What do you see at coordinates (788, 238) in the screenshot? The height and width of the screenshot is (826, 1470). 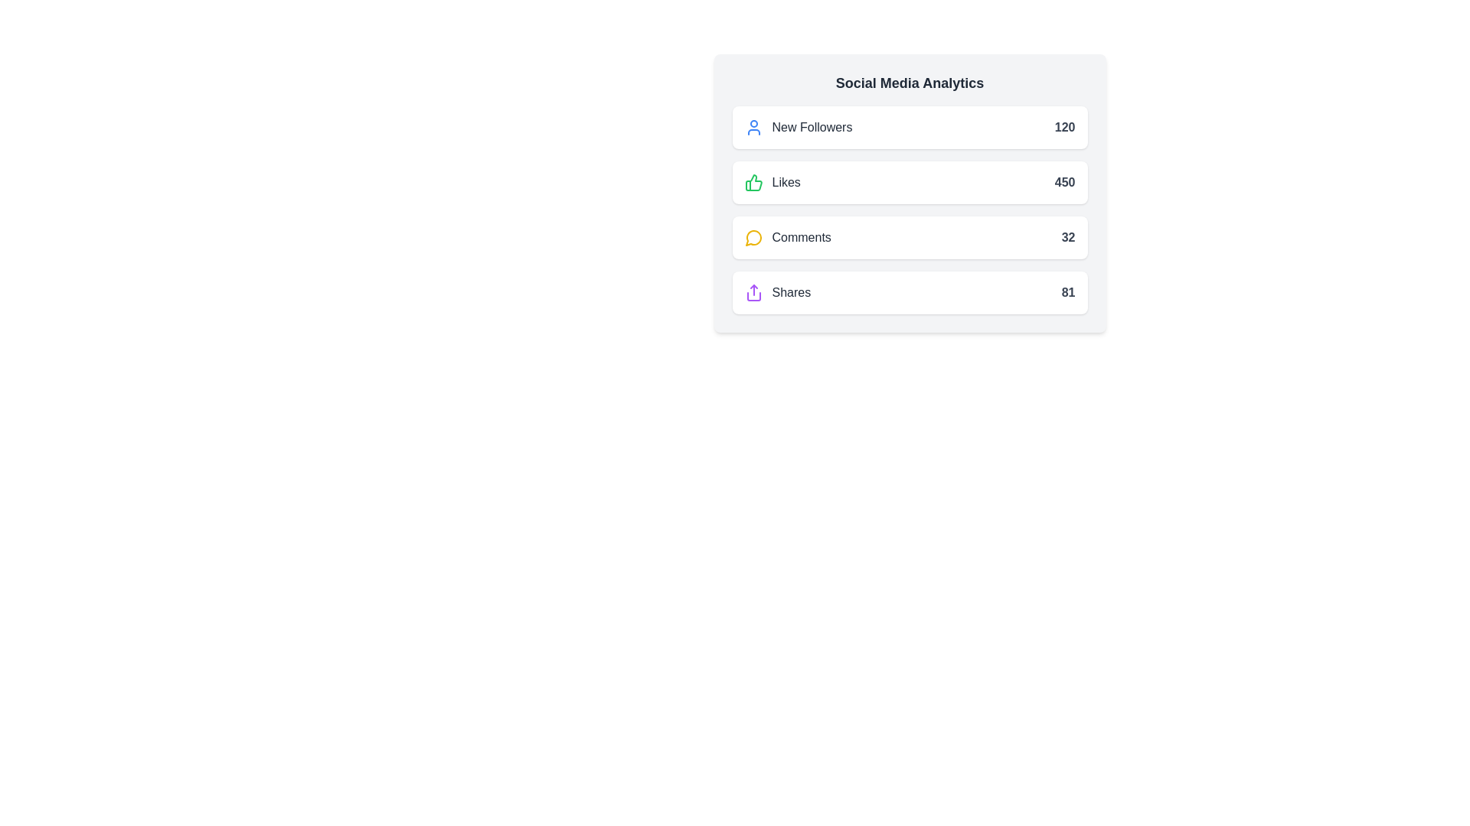 I see `the 'Comments' category element in the Social Media Analytics dashboard, which summarizes user interactions related to comments` at bounding box center [788, 238].